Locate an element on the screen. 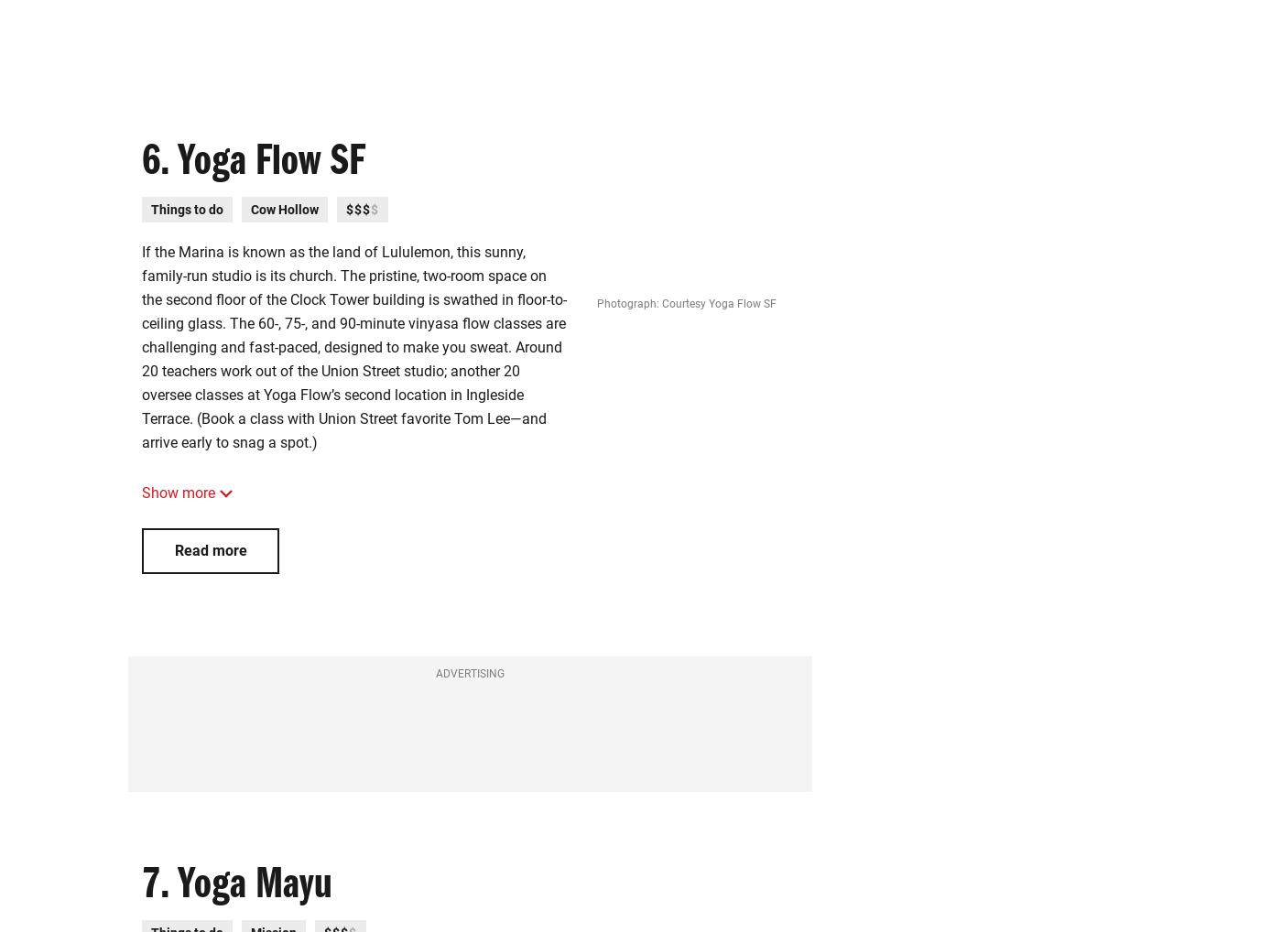  'Things to do' is located at coordinates (187, 208).